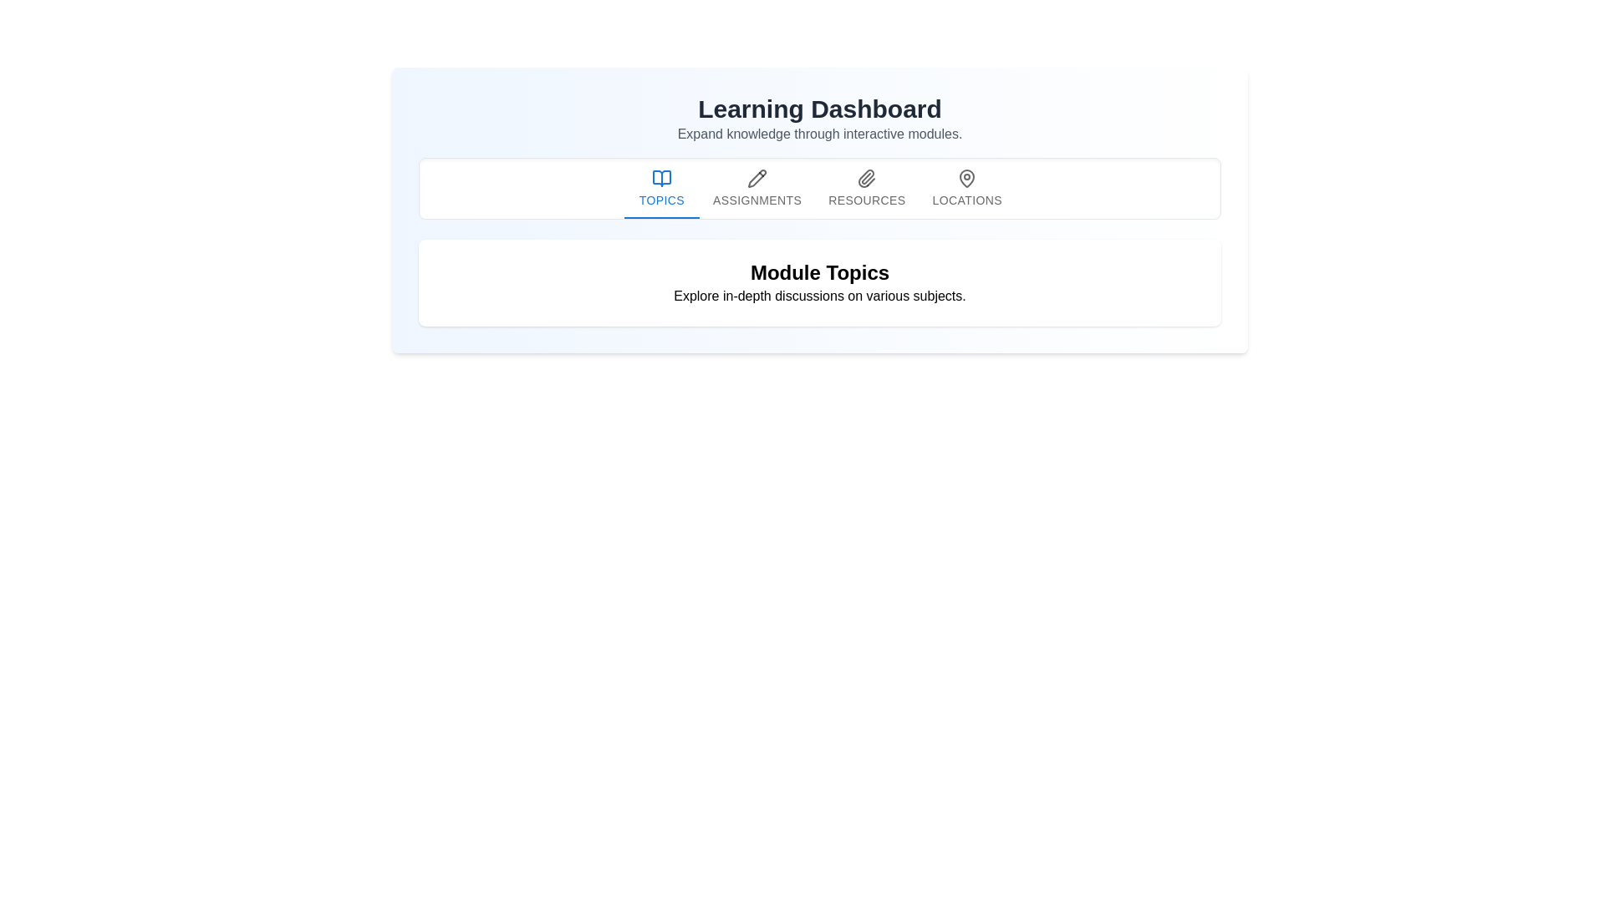 This screenshot has width=1605, height=902. I want to click on the horizontal line indicator located just below the 'Topics' tab button in the navigation bar of the Learning Dashboard, so click(661, 217).